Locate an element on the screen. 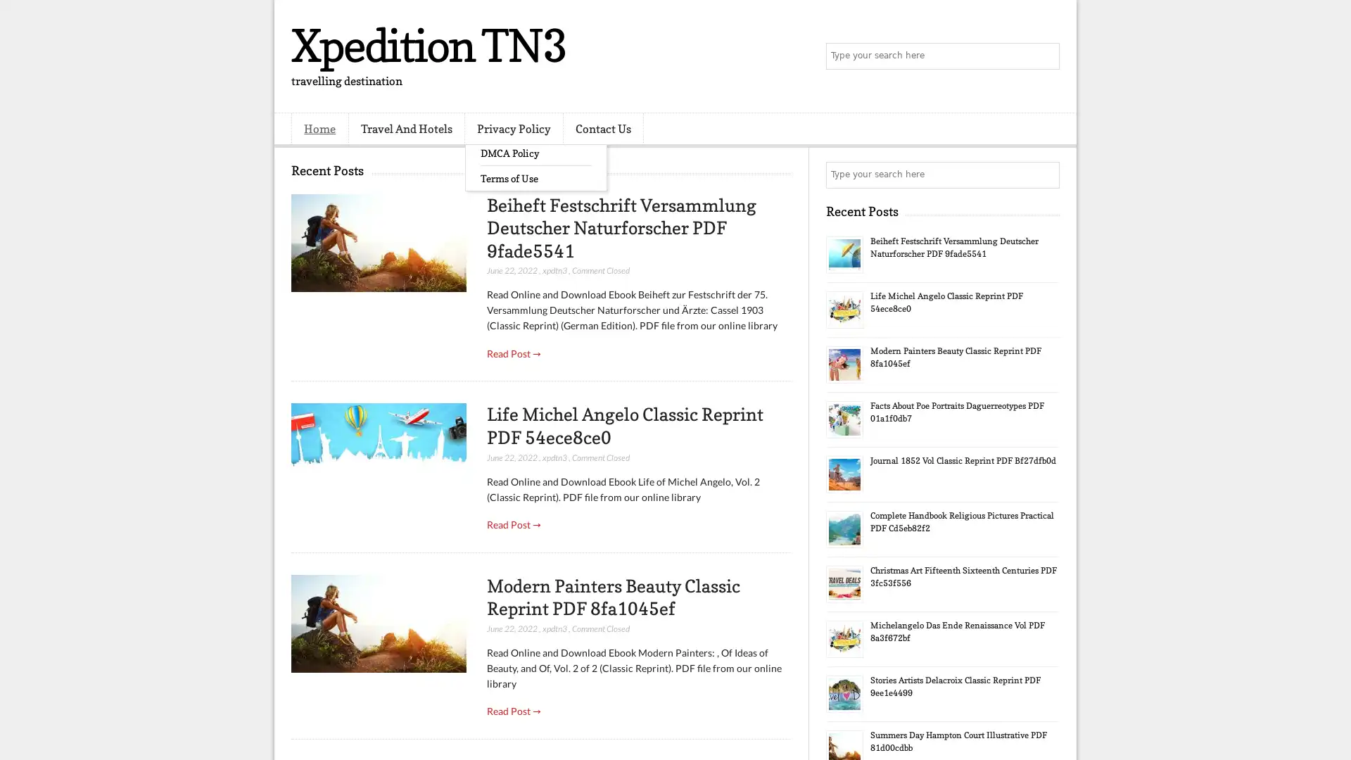 Image resolution: width=1351 pixels, height=760 pixels. Search is located at coordinates (1045, 56).